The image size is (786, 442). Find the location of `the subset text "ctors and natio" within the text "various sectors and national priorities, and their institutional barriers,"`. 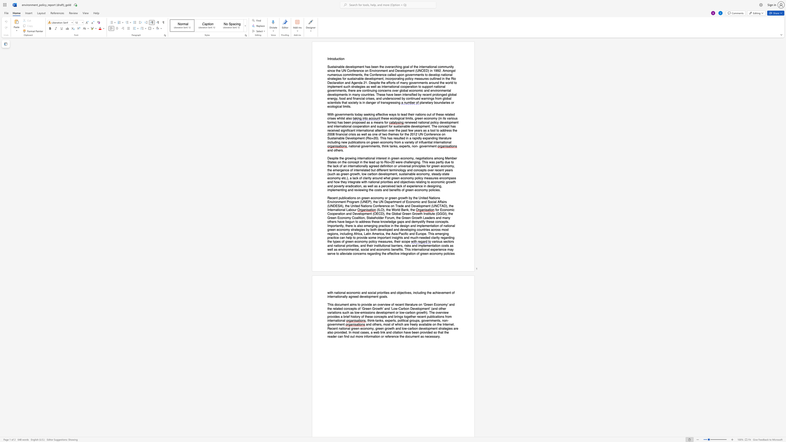

the subset text "ctors and natio" within the text "various sectors and national priorities, and their institutional barriers," is located at coordinates (447, 241).